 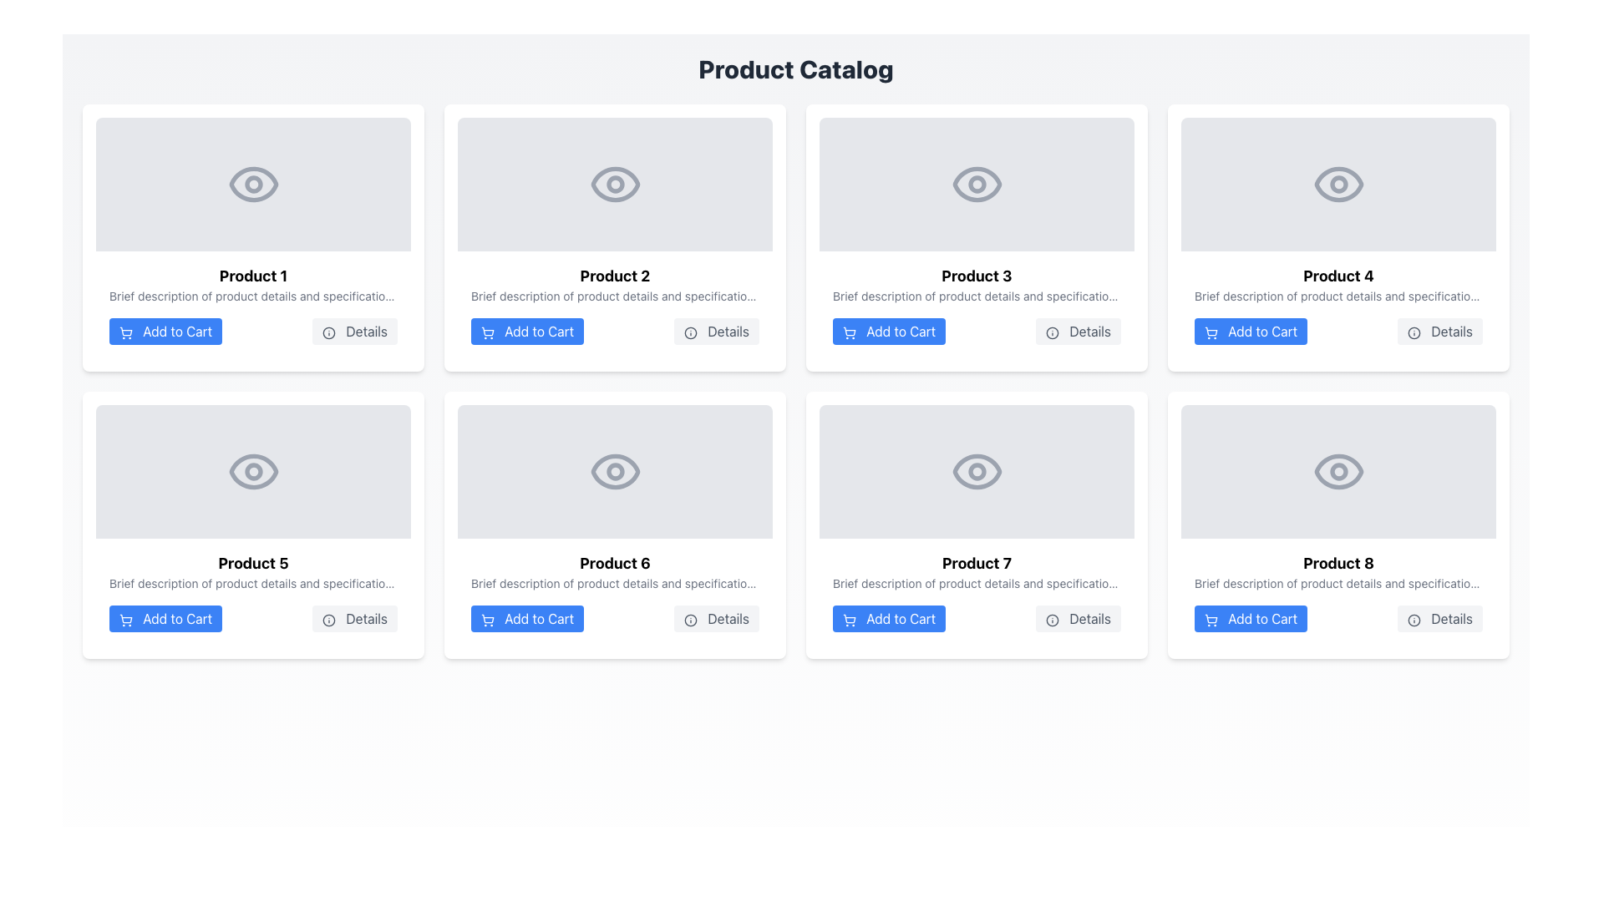 What do you see at coordinates (1414, 620) in the screenshot?
I see `the 'Details' button icon located at the bottom-right corner of the 'Product 8' card` at bounding box center [1414, 620].